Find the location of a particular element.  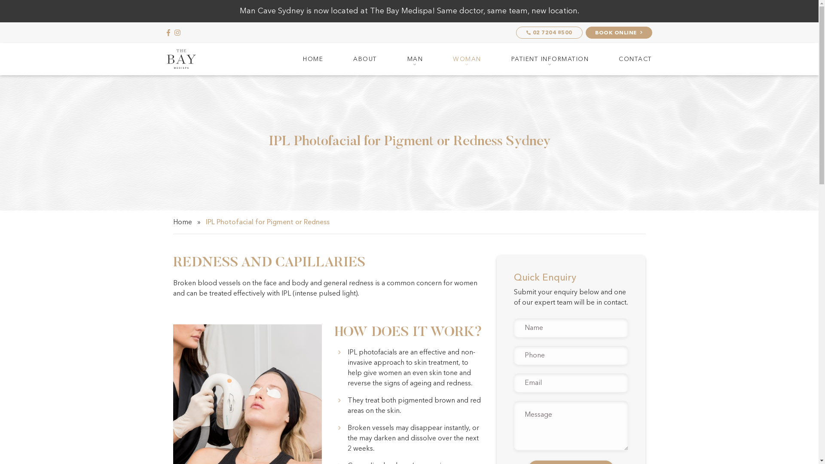

'ABOUT' is located at coordinates (365, 58).